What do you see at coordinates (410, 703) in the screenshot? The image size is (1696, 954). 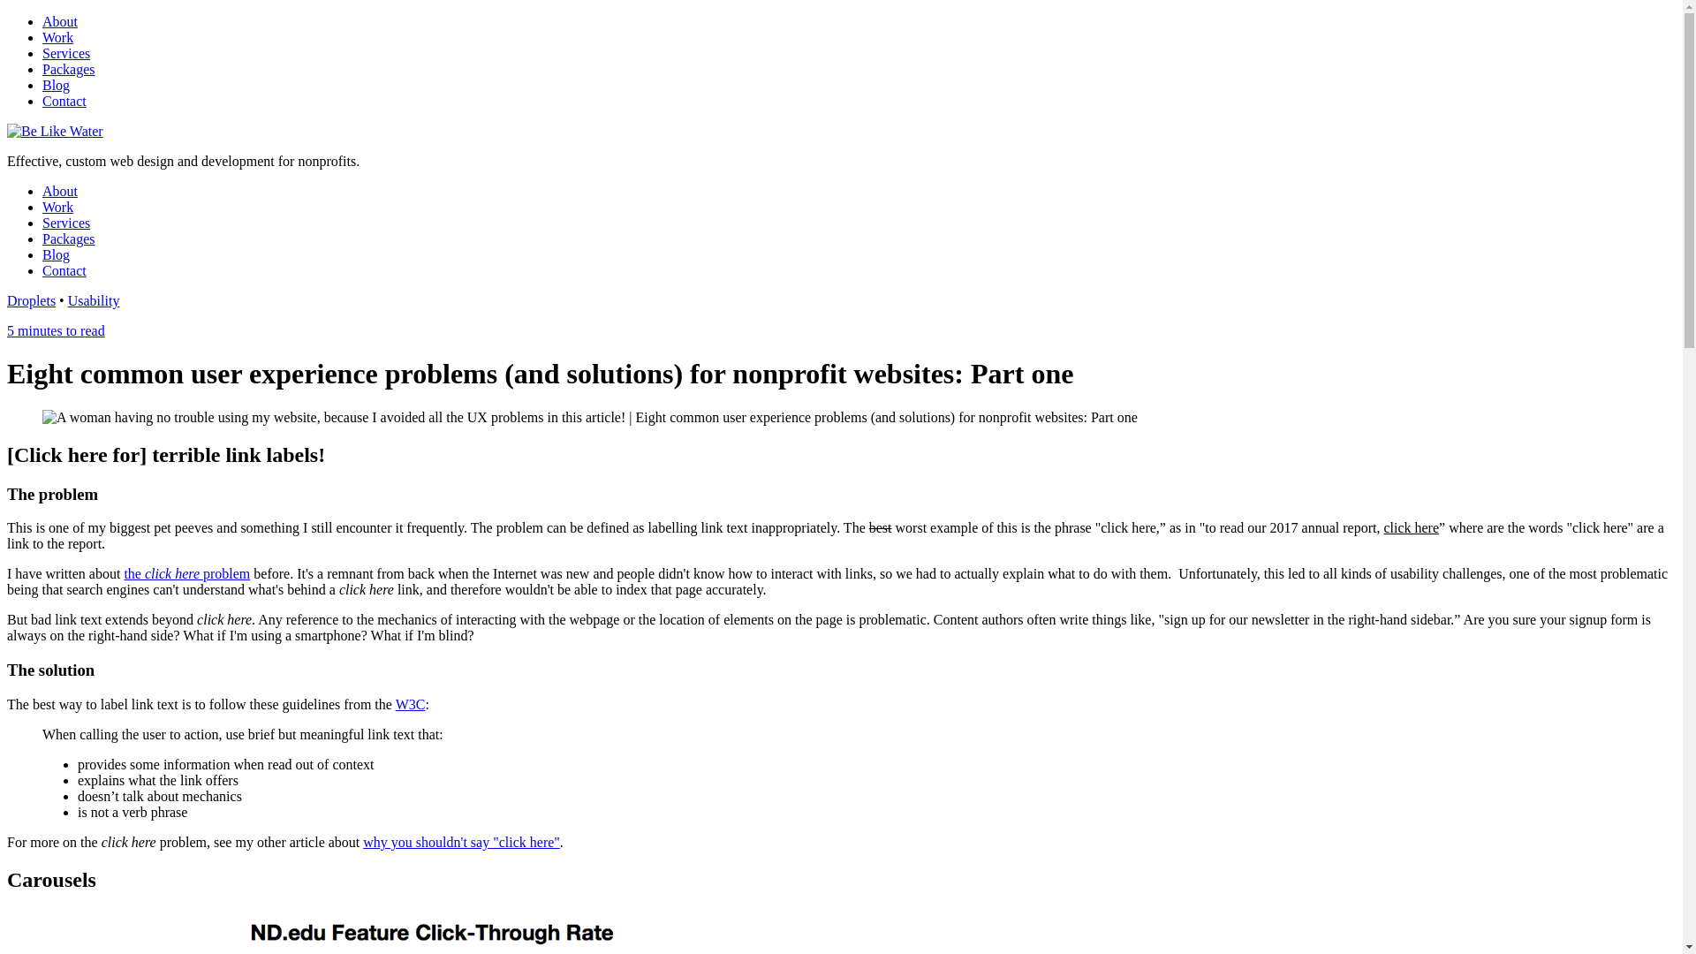 I see `'W3C'` at bounding box center [410, 703].